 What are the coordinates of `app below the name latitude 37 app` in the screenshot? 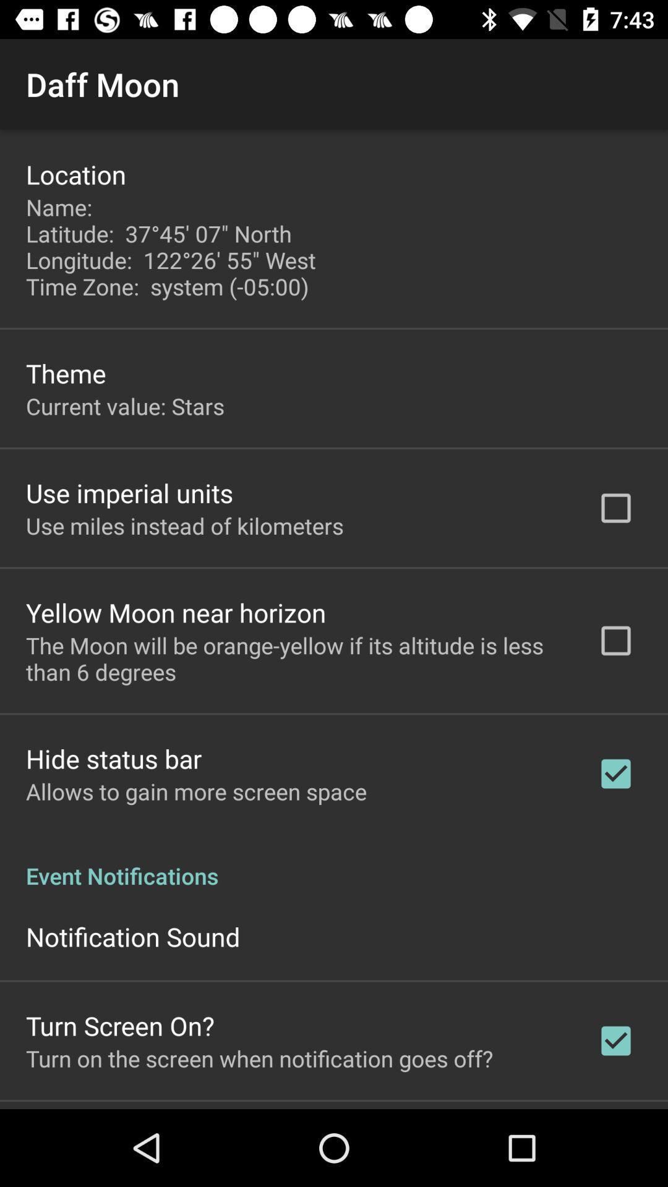 It's located at (66, 372).